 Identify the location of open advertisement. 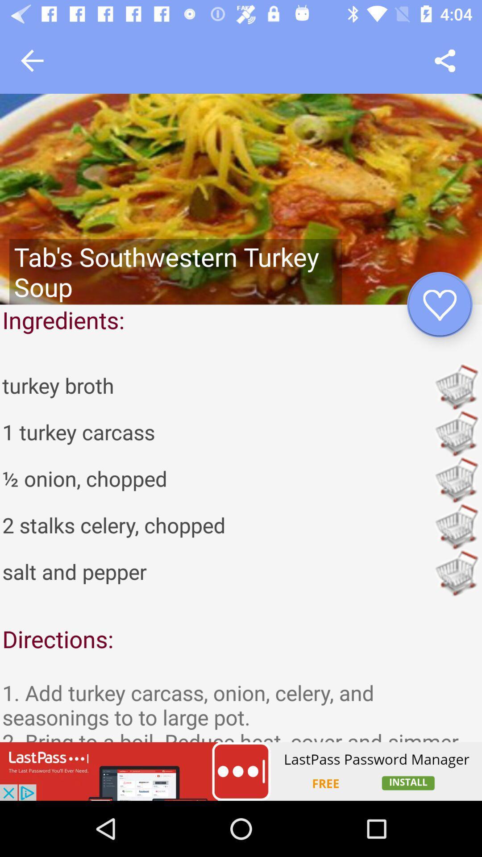
(241, 771).